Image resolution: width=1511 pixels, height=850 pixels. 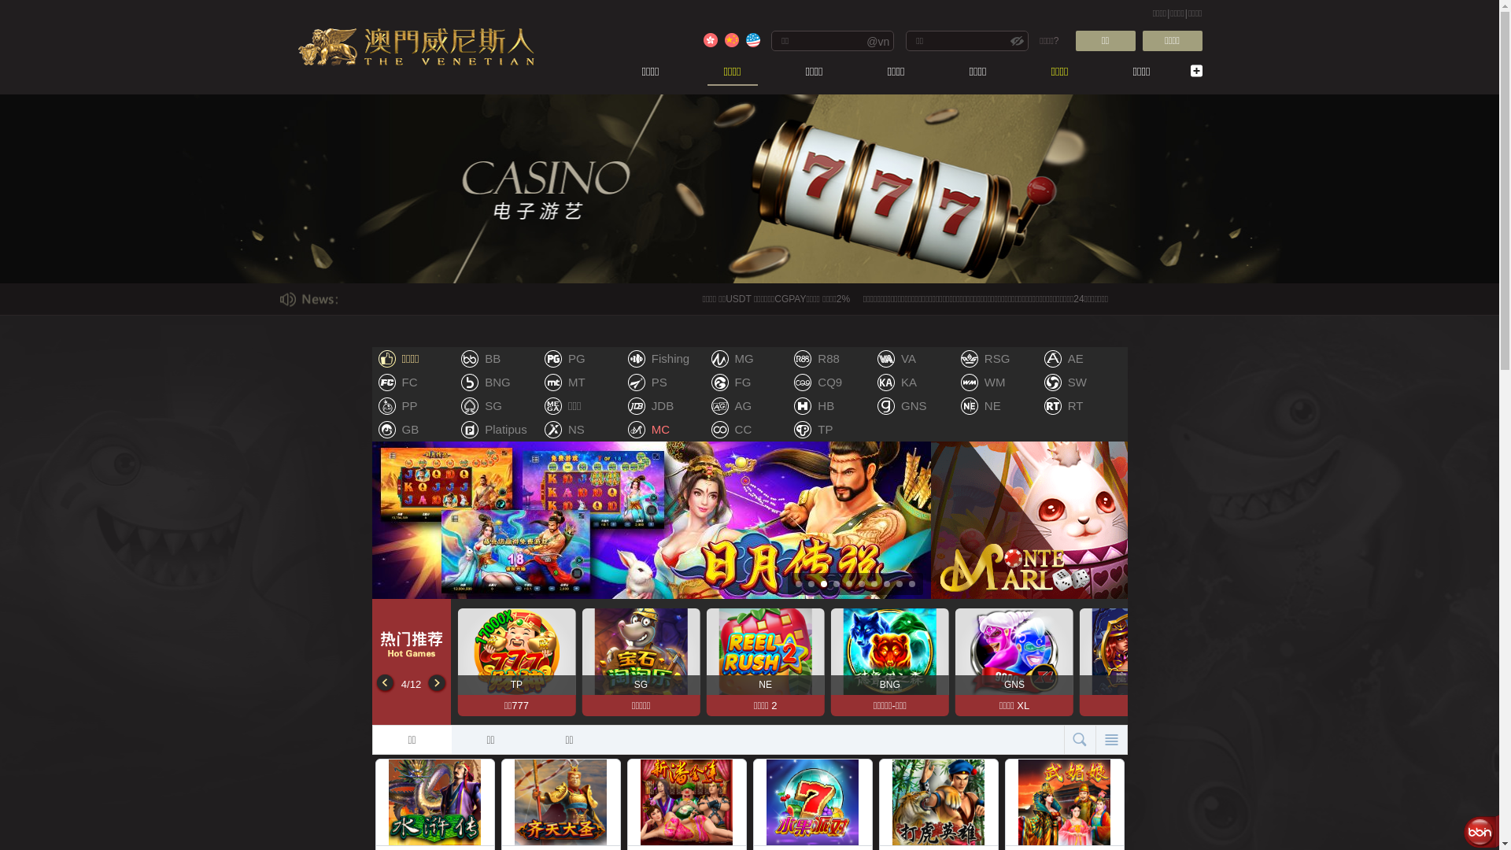 I want to click on 'English', so click(x=752, y=39).